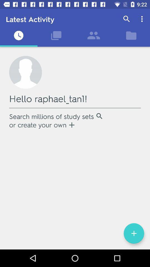 Image resolution: width=150 pixels, height=267 pixels. What do you see at coordinates (134, 233) in the screenshot?
I see `the icon at the bottom right corner` at bounding box center [134, 233].